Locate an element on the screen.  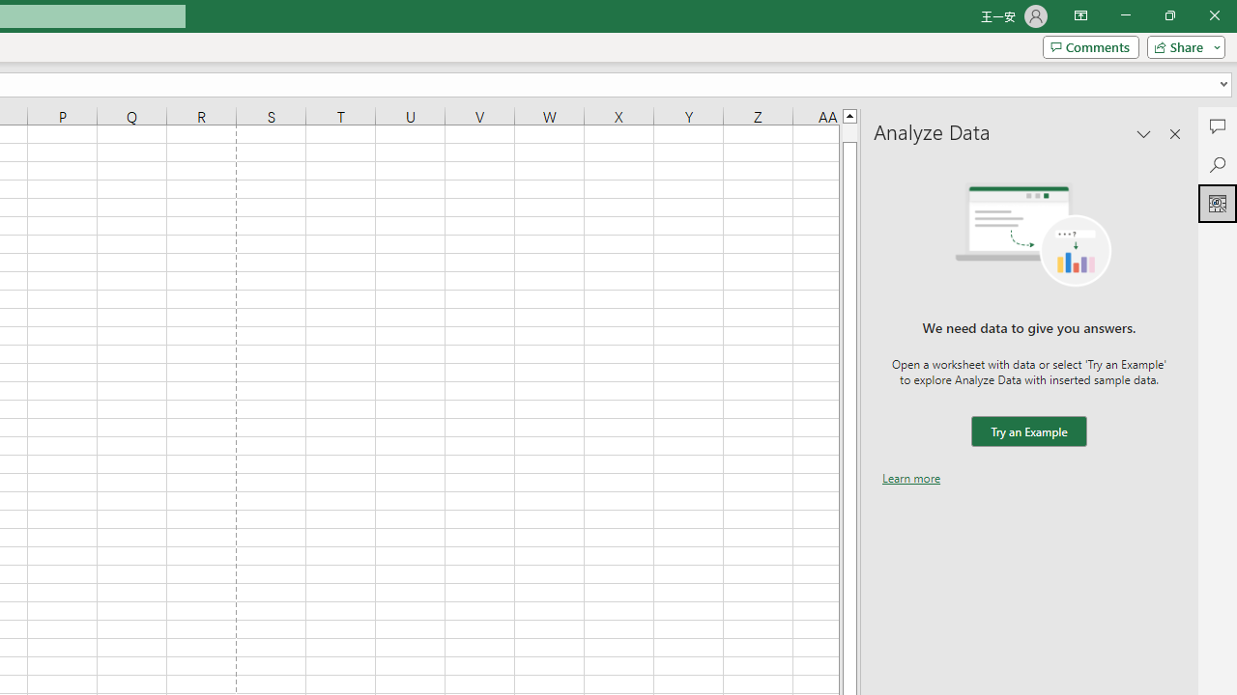
'Close pane' is located at coordinates (1174, 132).